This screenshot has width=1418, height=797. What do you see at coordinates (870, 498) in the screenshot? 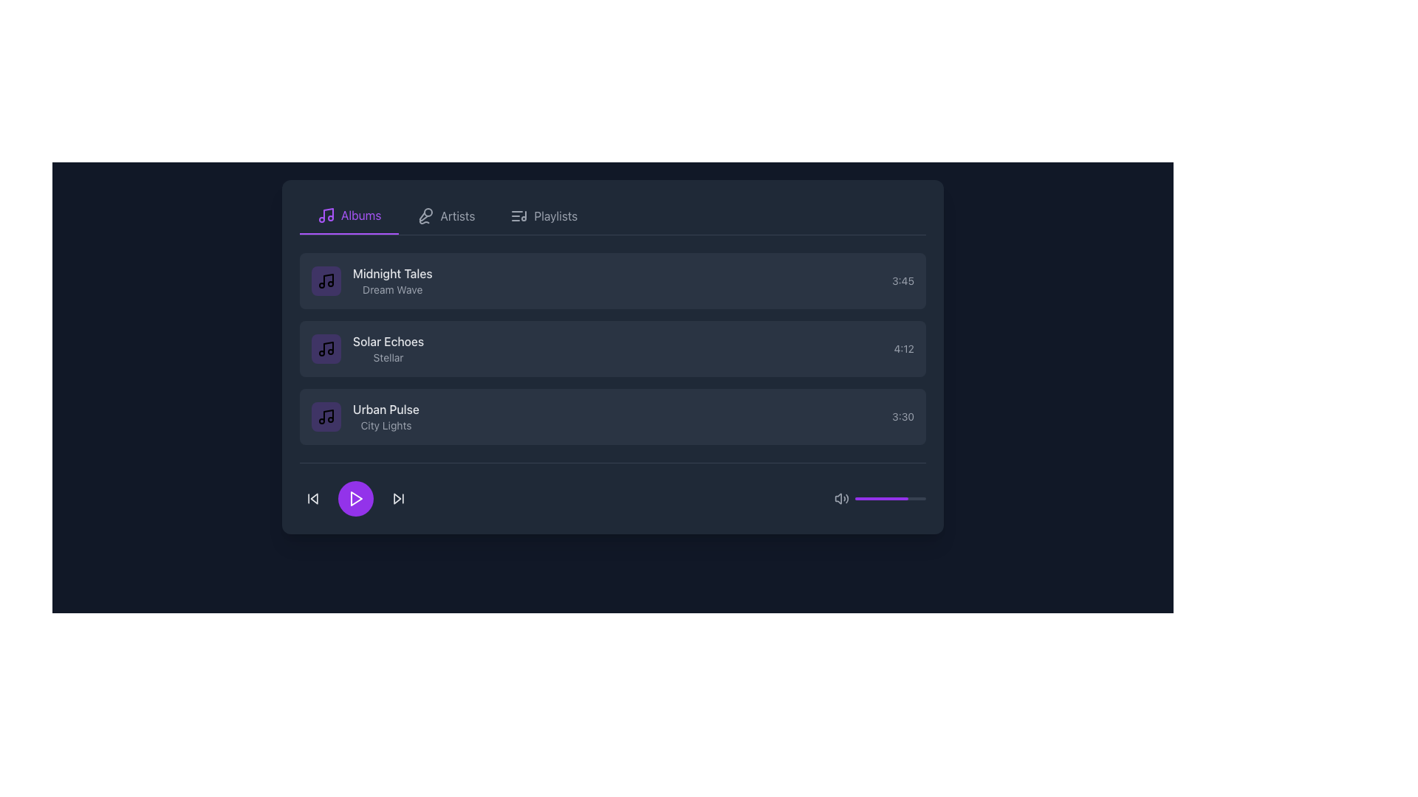
I see `the volume` at bounding box center [870, 498].